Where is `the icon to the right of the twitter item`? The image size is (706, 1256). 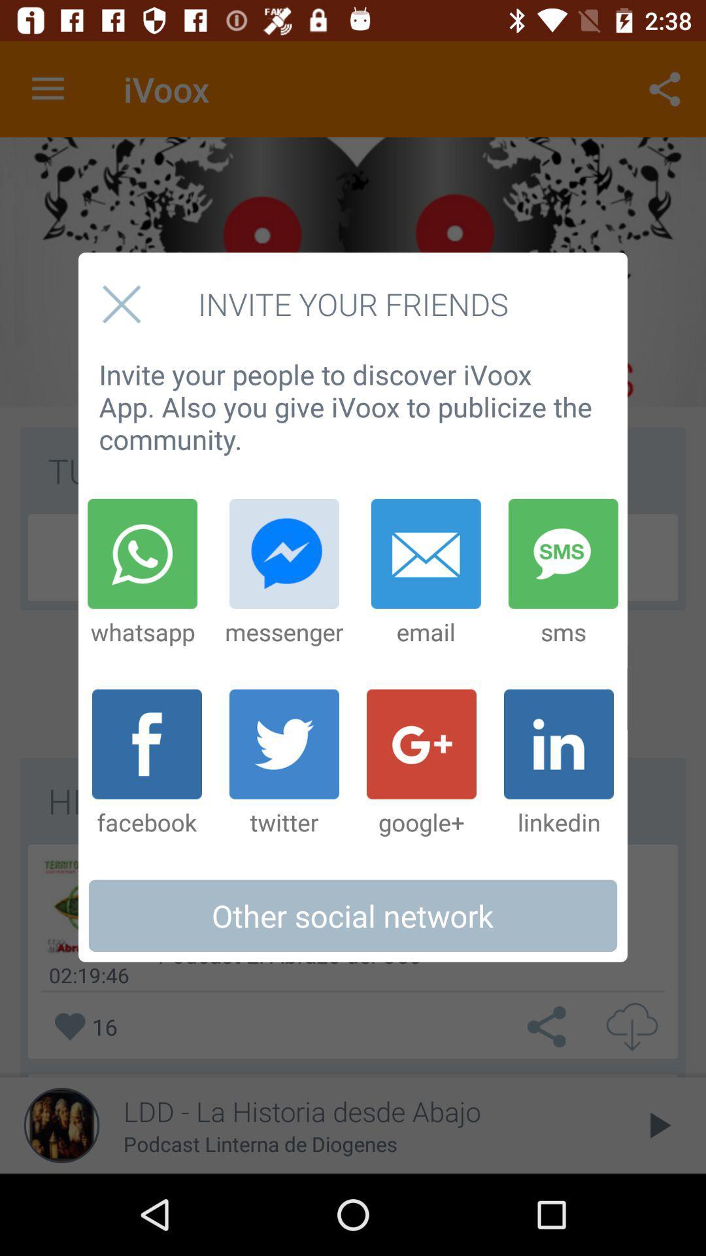
the icon to the right of the twitter item is located at coordinates (421, 763).